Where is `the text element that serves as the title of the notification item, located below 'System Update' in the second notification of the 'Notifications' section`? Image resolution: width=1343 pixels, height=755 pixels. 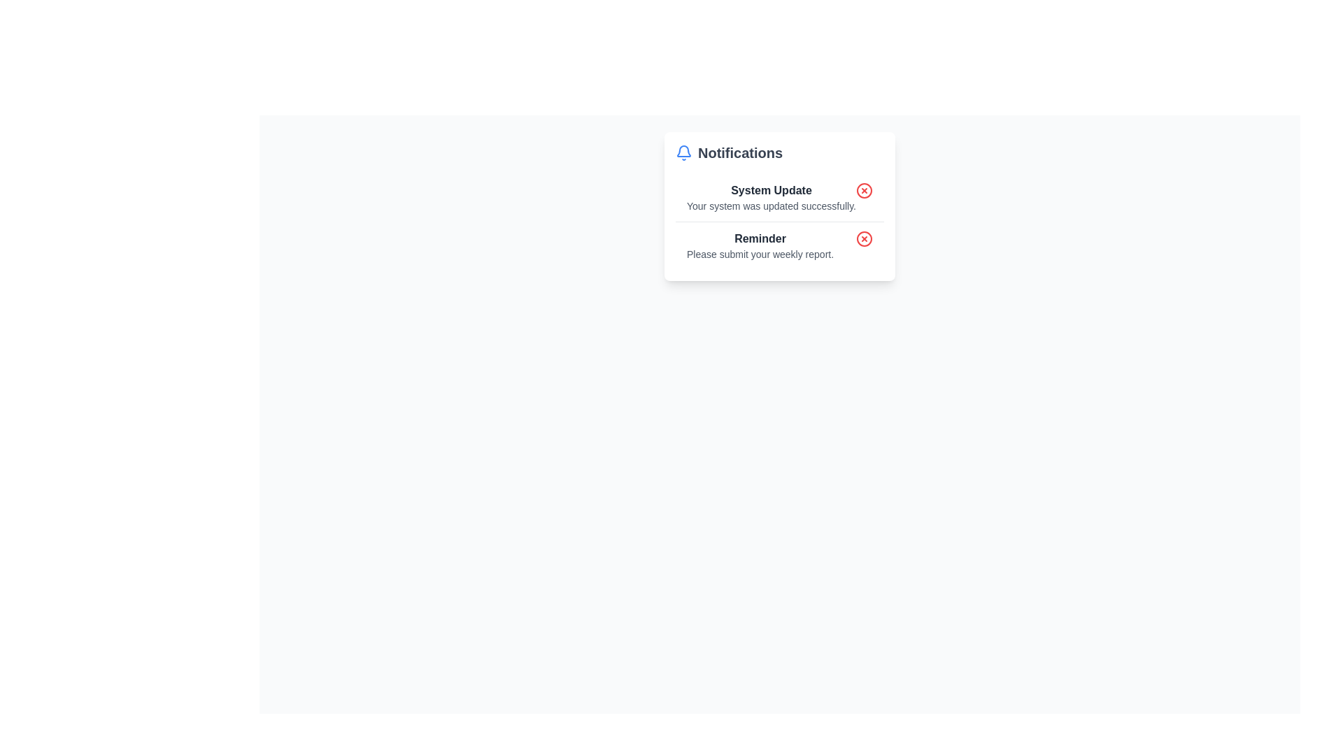
the text element that serves as the title of the notification item, located below 'System Update' in the second notification of the 'Notifications' section is located at coordinates (760, 238).